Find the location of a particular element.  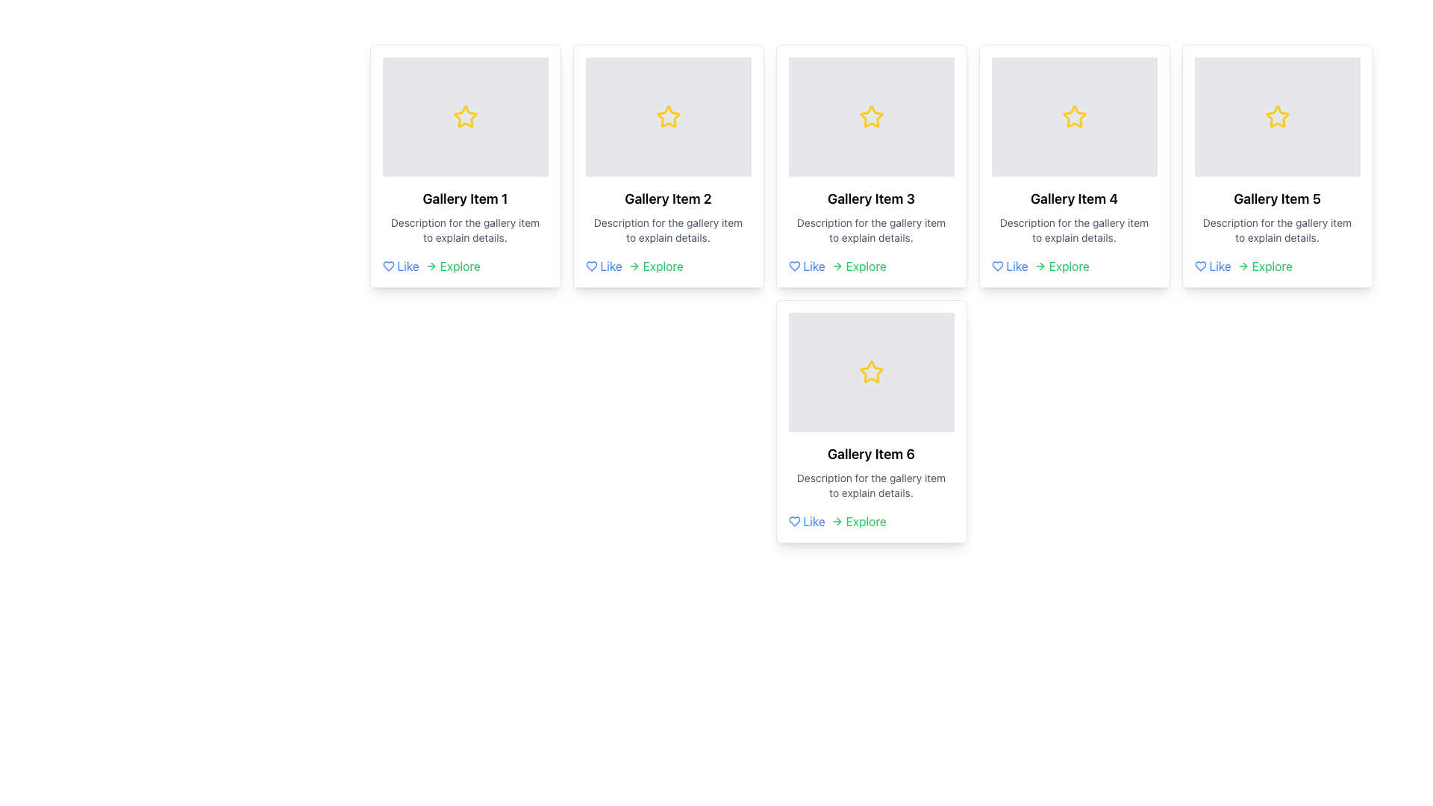

the 'Like' button located in the bottom-left corner of the card labeled 'Gallery Item 4' to like the item is located at coordinates (1010, 266).